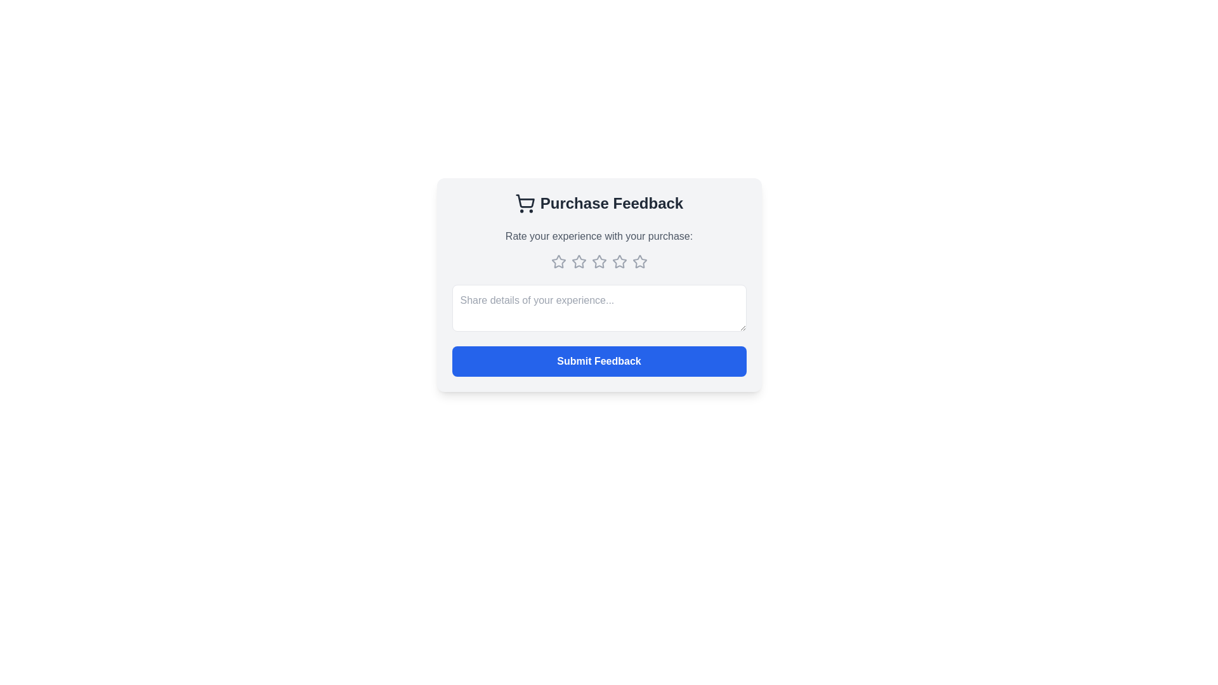 Image resolution: width=1218 pixels, height=685 pixels. I want to click on the first star icon with a gray outline, representing a rating option, located below the title 'Rate your experience with your purchase.', so click(558, 261).